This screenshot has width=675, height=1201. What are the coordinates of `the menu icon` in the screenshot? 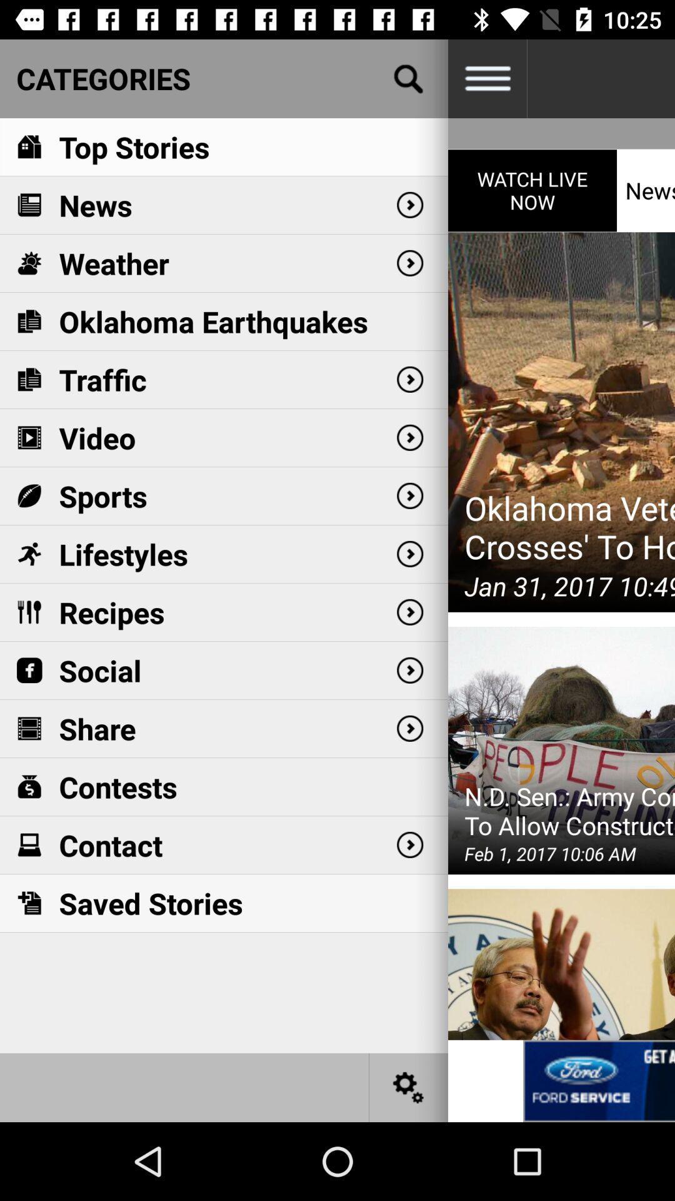 It's located at (486, 78).